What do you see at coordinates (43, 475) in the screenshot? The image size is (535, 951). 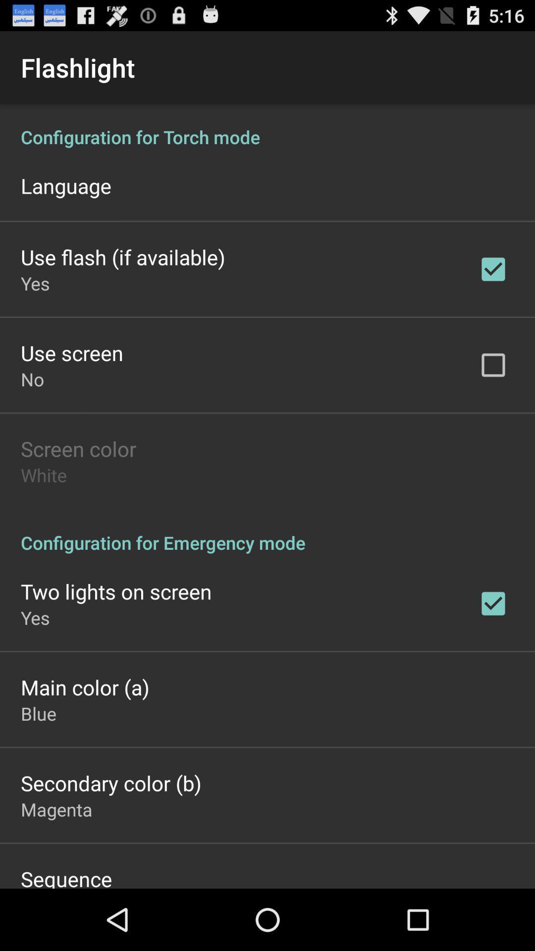 I see `app below screen color item` at bounding box center [43, 475].